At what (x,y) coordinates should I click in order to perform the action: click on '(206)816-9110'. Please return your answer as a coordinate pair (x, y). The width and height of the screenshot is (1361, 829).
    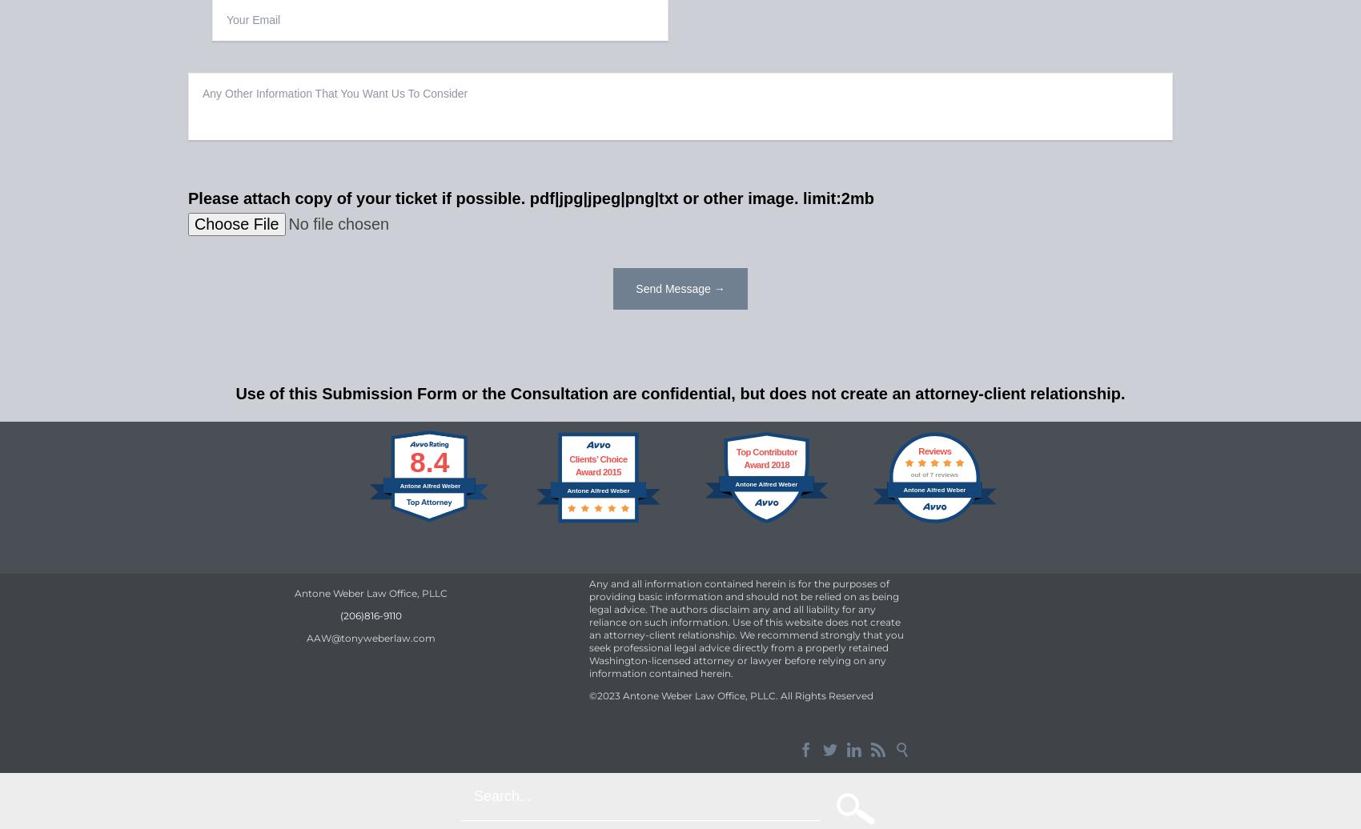
    Looking at the image, I should click on (370, 615).